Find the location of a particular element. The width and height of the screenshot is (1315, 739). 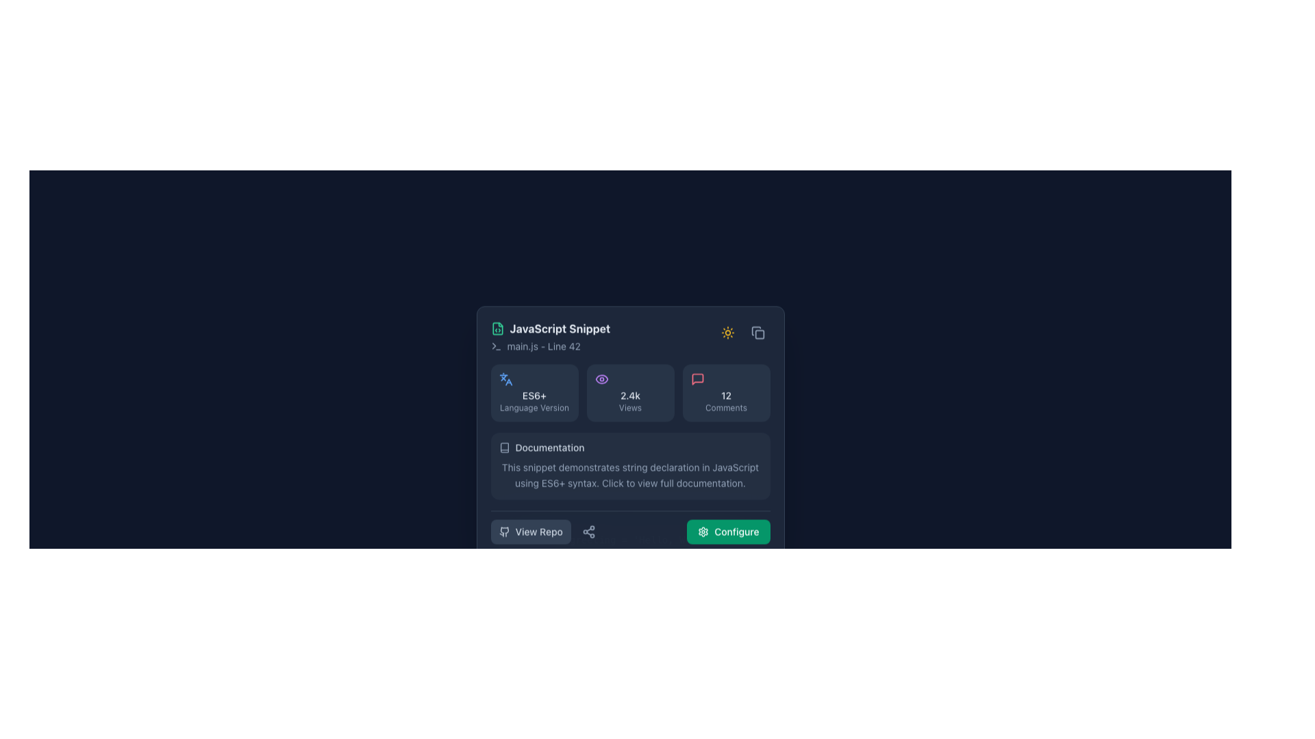

the third label/text element that serves as a descriptive label for links or references to documentation is located at coordinates (549, 448).